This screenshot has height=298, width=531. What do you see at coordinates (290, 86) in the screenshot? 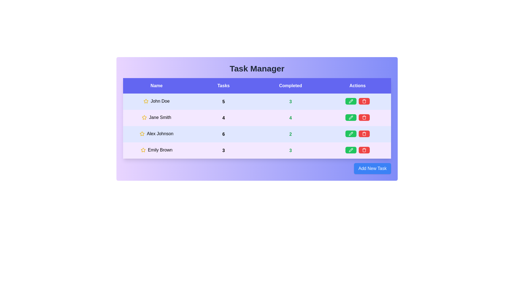
I see `the text in the Completed column for copying` at bounding box center [290, 86].